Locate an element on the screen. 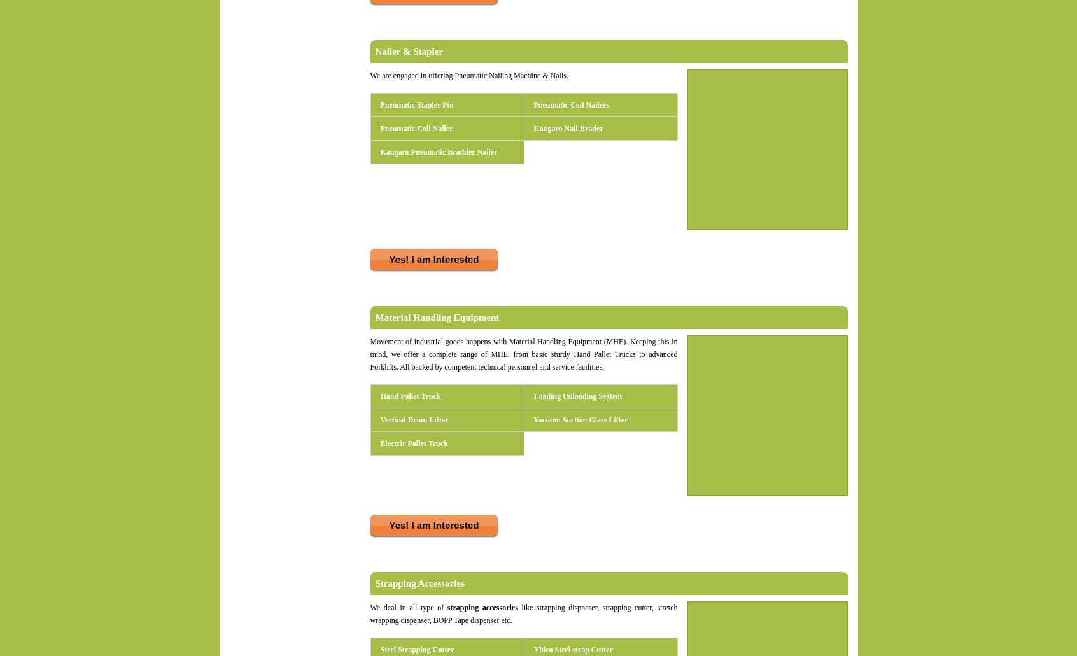 The image size is (1077, 656). 'like strapping dispneser, strapping cutter, stretch wrapping dispenser, BOPP Tape dispenser etc.' is located at coordinates (523, 613).